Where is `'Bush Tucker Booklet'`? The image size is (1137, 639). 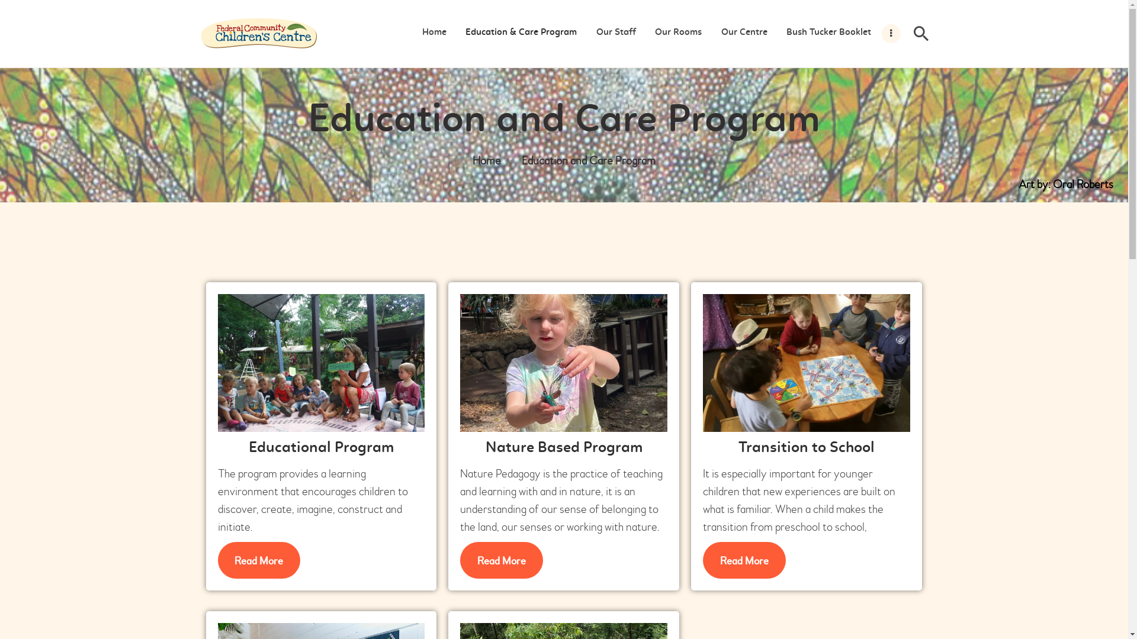 'Bush Tucker Booklet' is located at coordinates (828, 33).